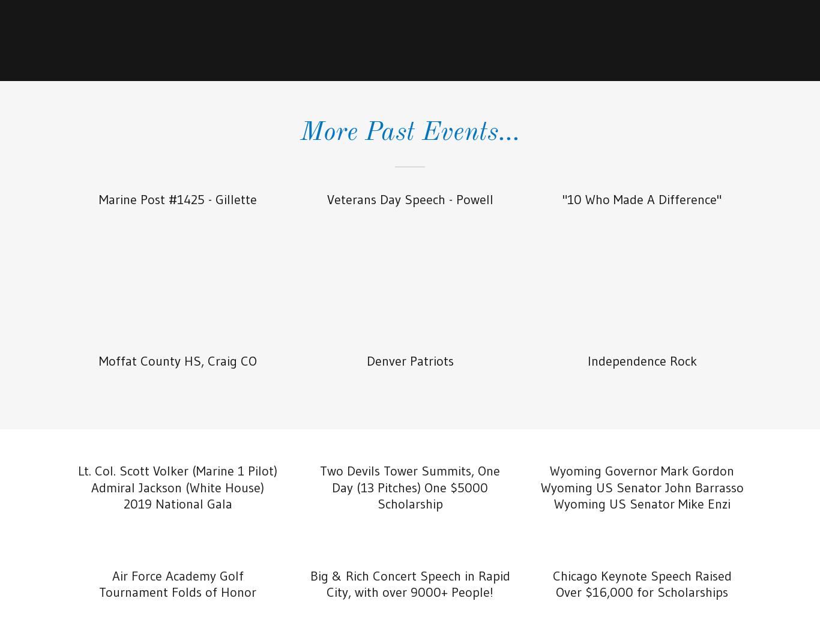 Image resolution: width=820 pixels, height=637 pixels. I want to click on 'More Past Events...', so click(410, 132).